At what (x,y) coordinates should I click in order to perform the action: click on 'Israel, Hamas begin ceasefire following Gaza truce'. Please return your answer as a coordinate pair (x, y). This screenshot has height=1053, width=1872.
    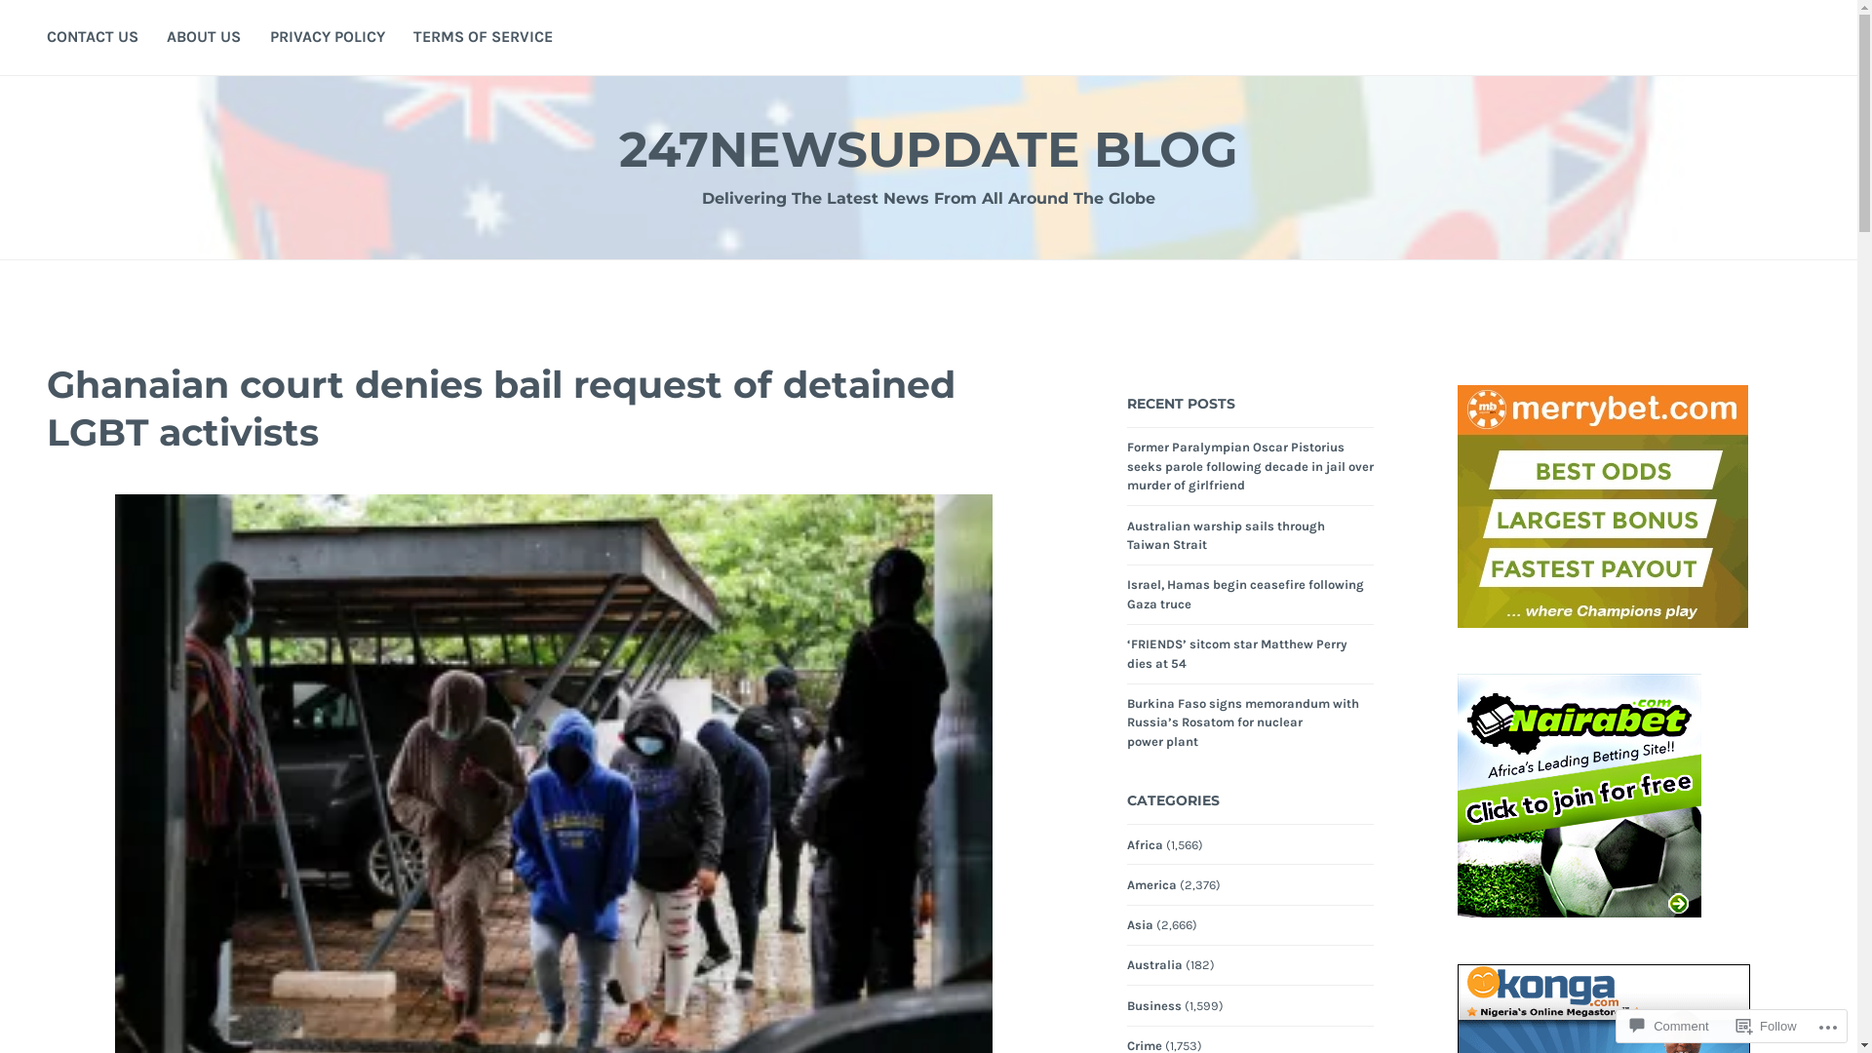
    Looking at the image, I should click on (1244, 593).